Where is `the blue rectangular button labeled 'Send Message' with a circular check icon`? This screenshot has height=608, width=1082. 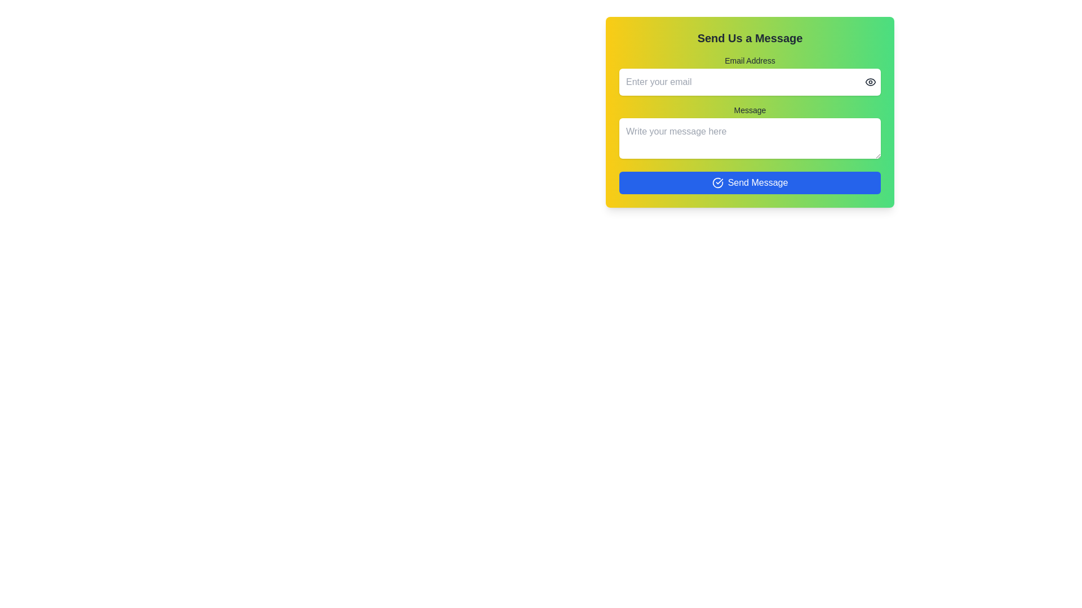
the blue rectangular button labeled 'Send Message' with a circular check icon is located at coordinates (750, 182).